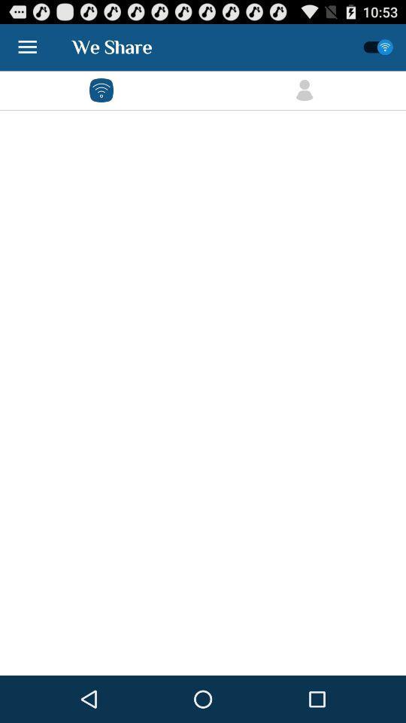  I want to click on the text written at top left of the page, so click(111, 47).